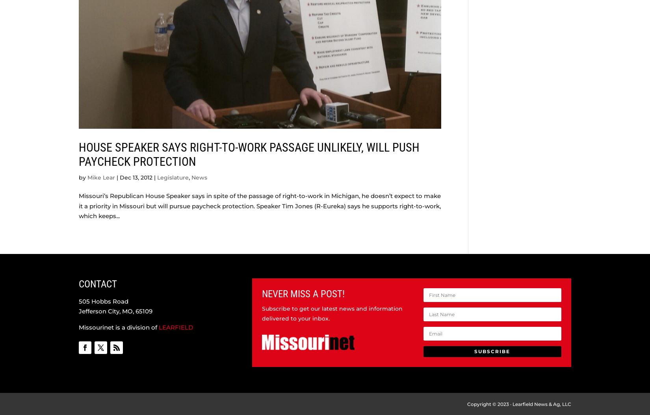 This screenshot has width=650, height=415. Describe the element at coordinates (83, 177) in the screenshot. I see `'by'` at that location.